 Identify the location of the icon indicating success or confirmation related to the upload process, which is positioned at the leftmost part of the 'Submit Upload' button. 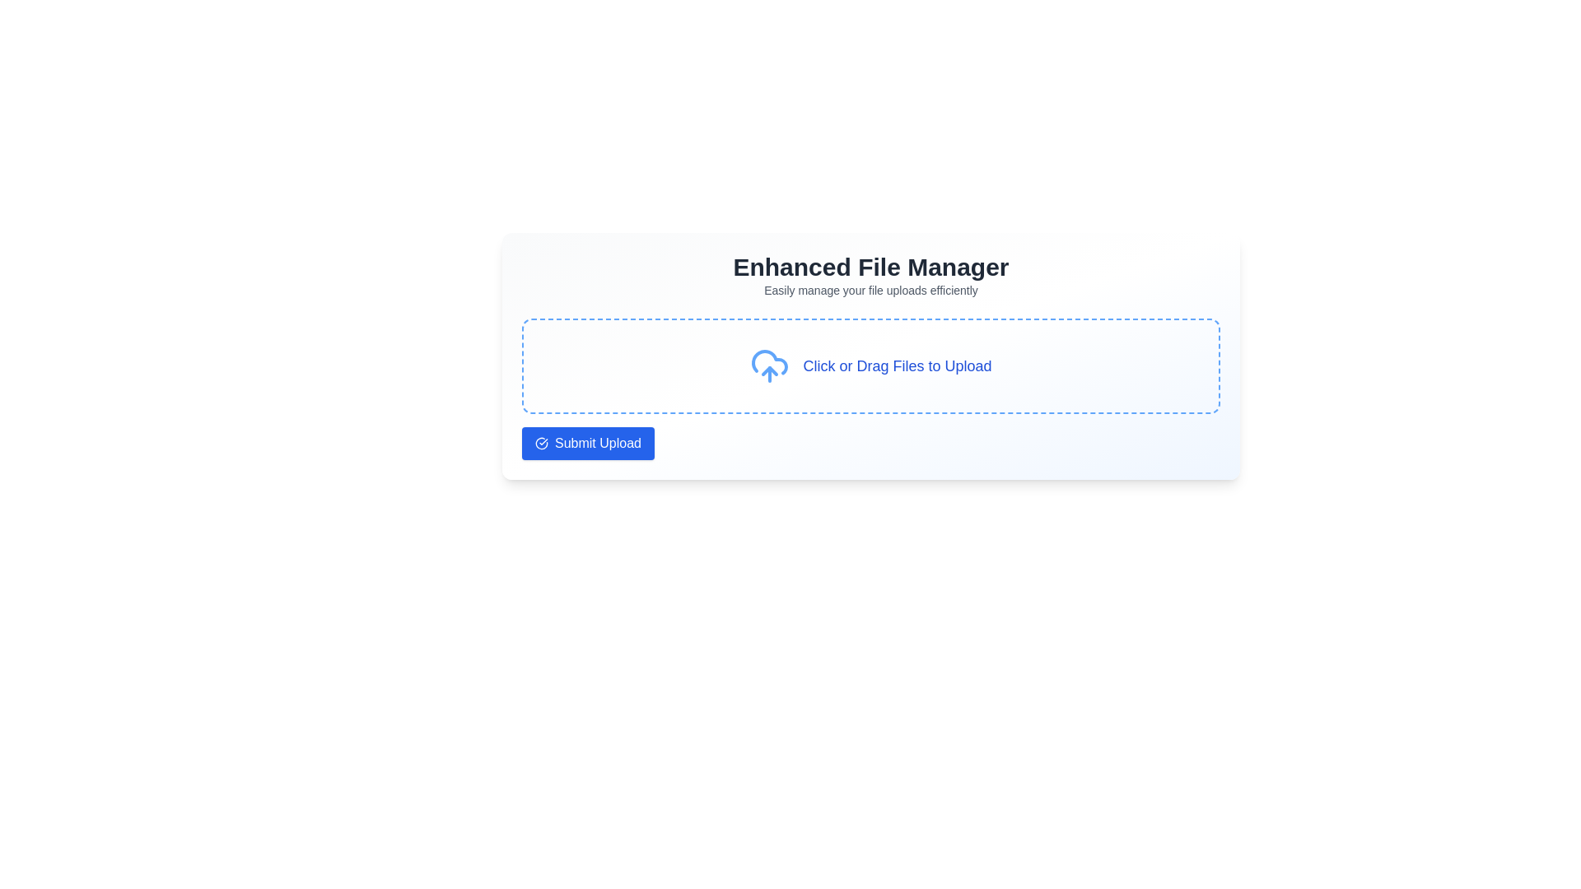
(541, 443).